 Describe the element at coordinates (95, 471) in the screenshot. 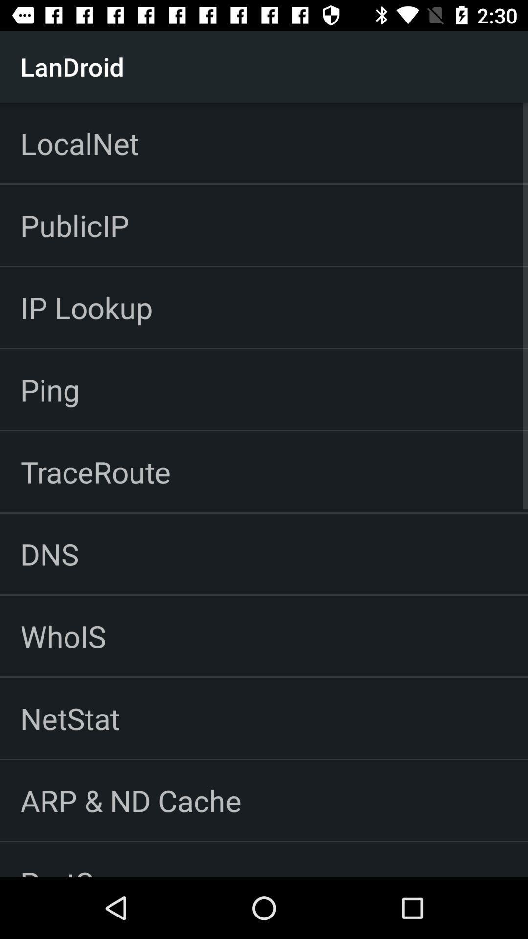

I see `traceroute icon` at that location.